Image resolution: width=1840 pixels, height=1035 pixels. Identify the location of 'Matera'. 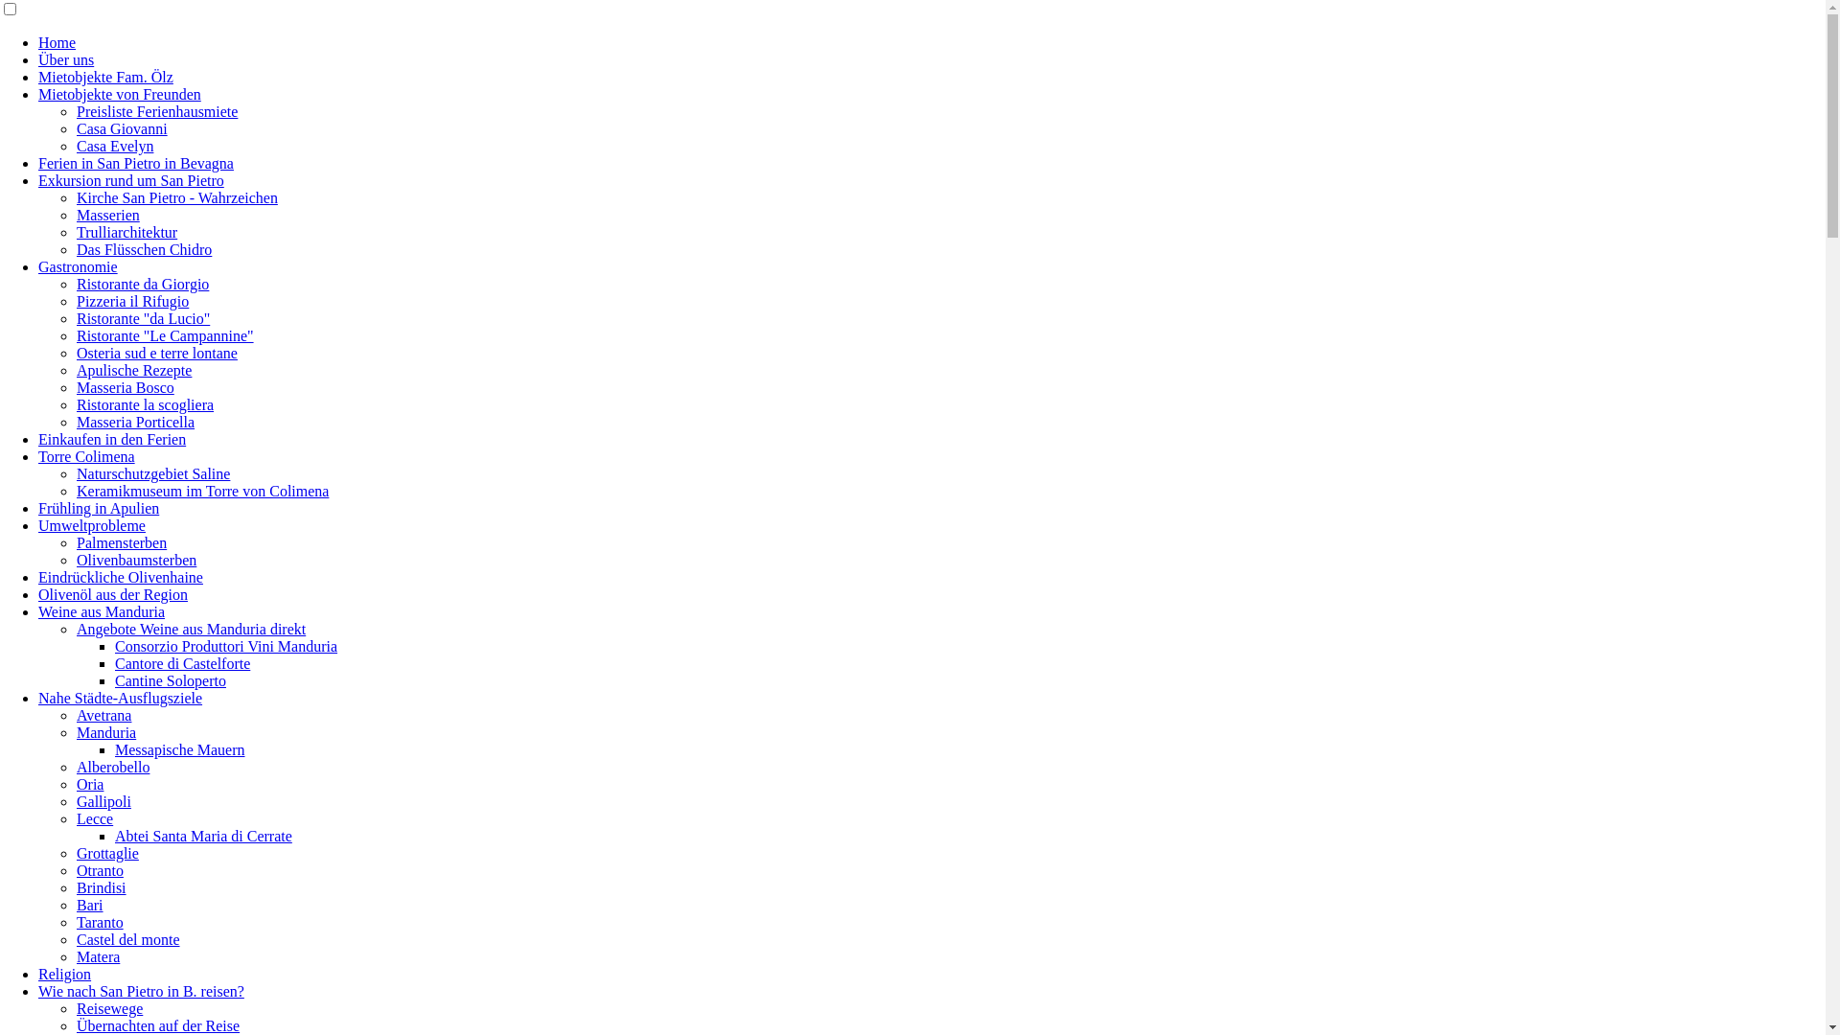
(77, 956).